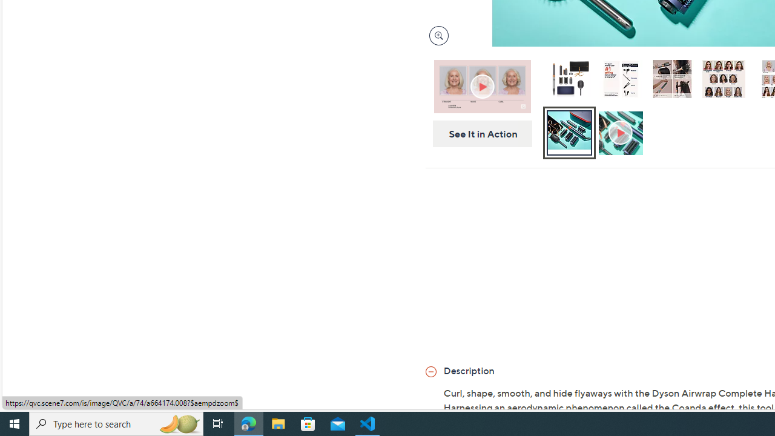 This screenshot has width=775, height=436. Describe the element at coordinates (436, 35) in the screenshot. I see `'Zoom product image, opens image gallery dialog'` at that location.